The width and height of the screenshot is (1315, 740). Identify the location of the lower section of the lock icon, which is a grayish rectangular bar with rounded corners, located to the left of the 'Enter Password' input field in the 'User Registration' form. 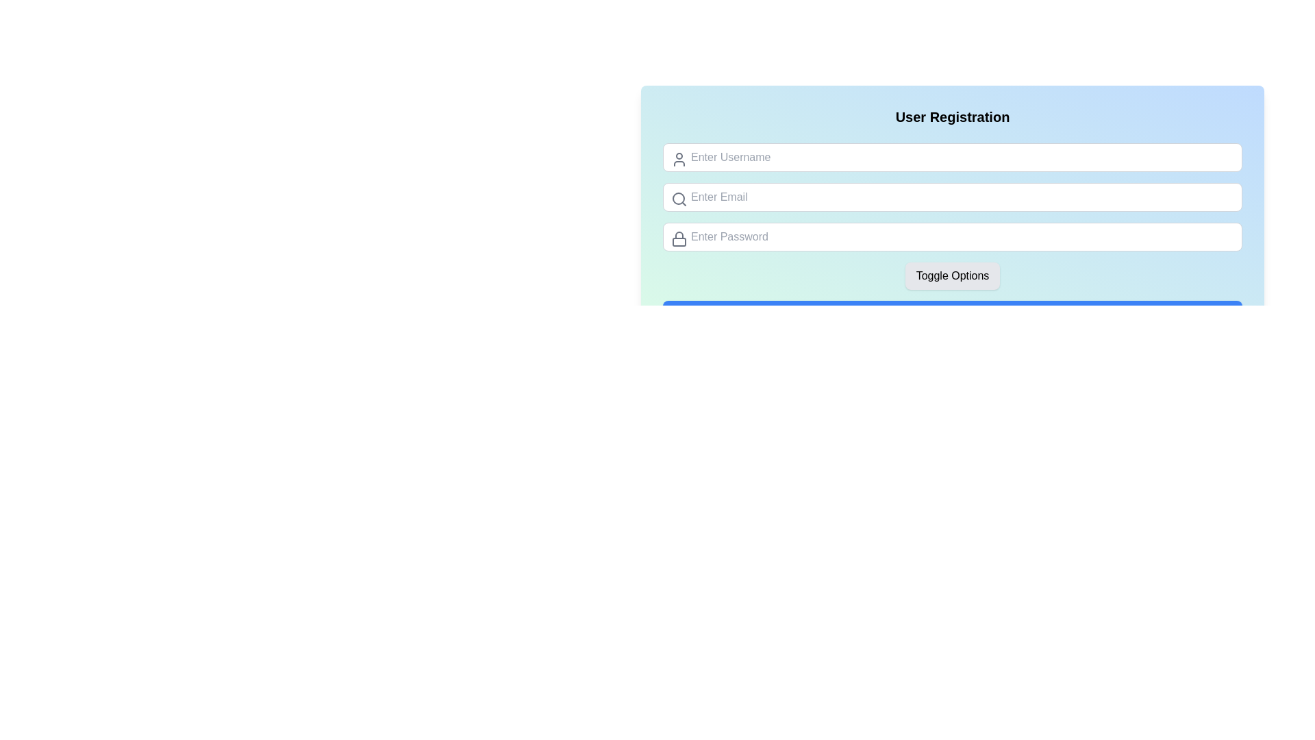
(679, 241).